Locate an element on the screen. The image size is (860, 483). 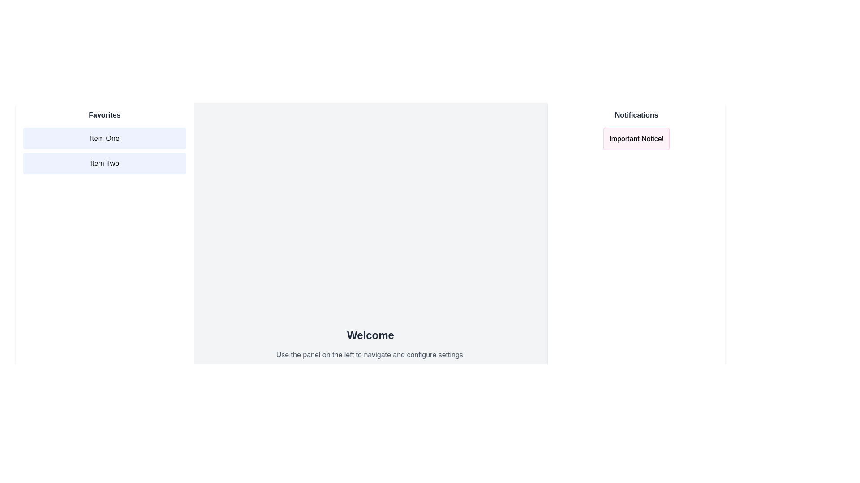
text label displaying 'Welcome' which is prominently styled in bold and large font at the bottom center of the application's main panel is located at coordinates (370, 335).